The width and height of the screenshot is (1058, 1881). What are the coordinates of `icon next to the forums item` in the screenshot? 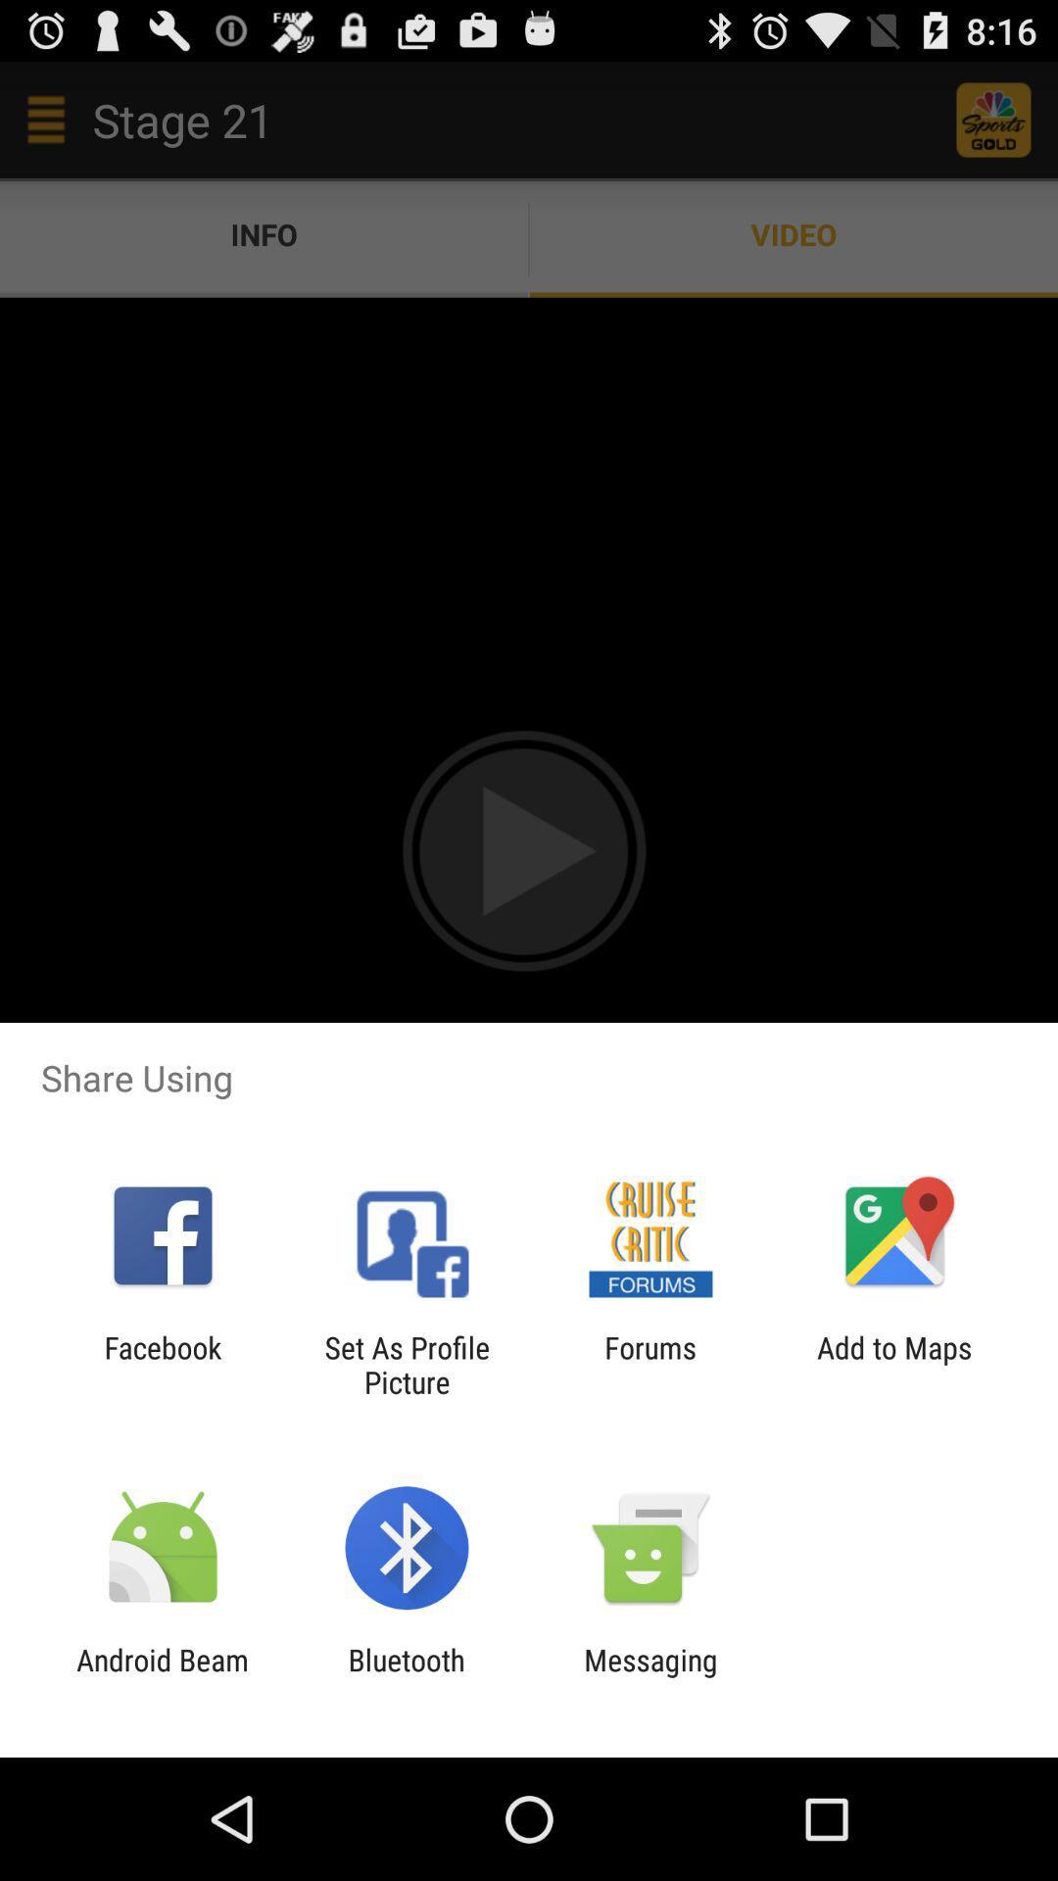 It's located at (894, 1364).